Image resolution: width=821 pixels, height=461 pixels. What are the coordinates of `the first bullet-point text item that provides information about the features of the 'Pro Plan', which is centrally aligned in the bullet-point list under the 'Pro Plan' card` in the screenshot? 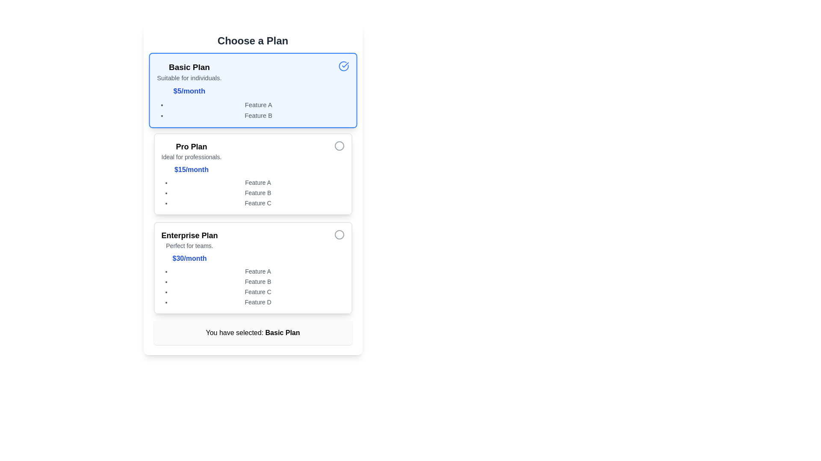 It's located at (257, 182).